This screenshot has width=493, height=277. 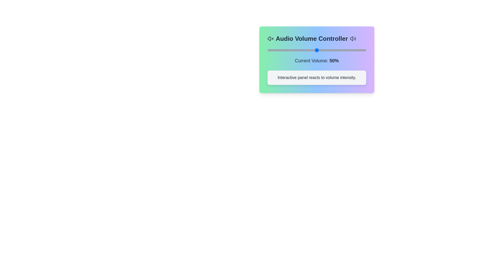 What do you see at coordinates (360, 50) in the screenshot?
I see `the volume slider to 94%` at bounding box center [360, 50].